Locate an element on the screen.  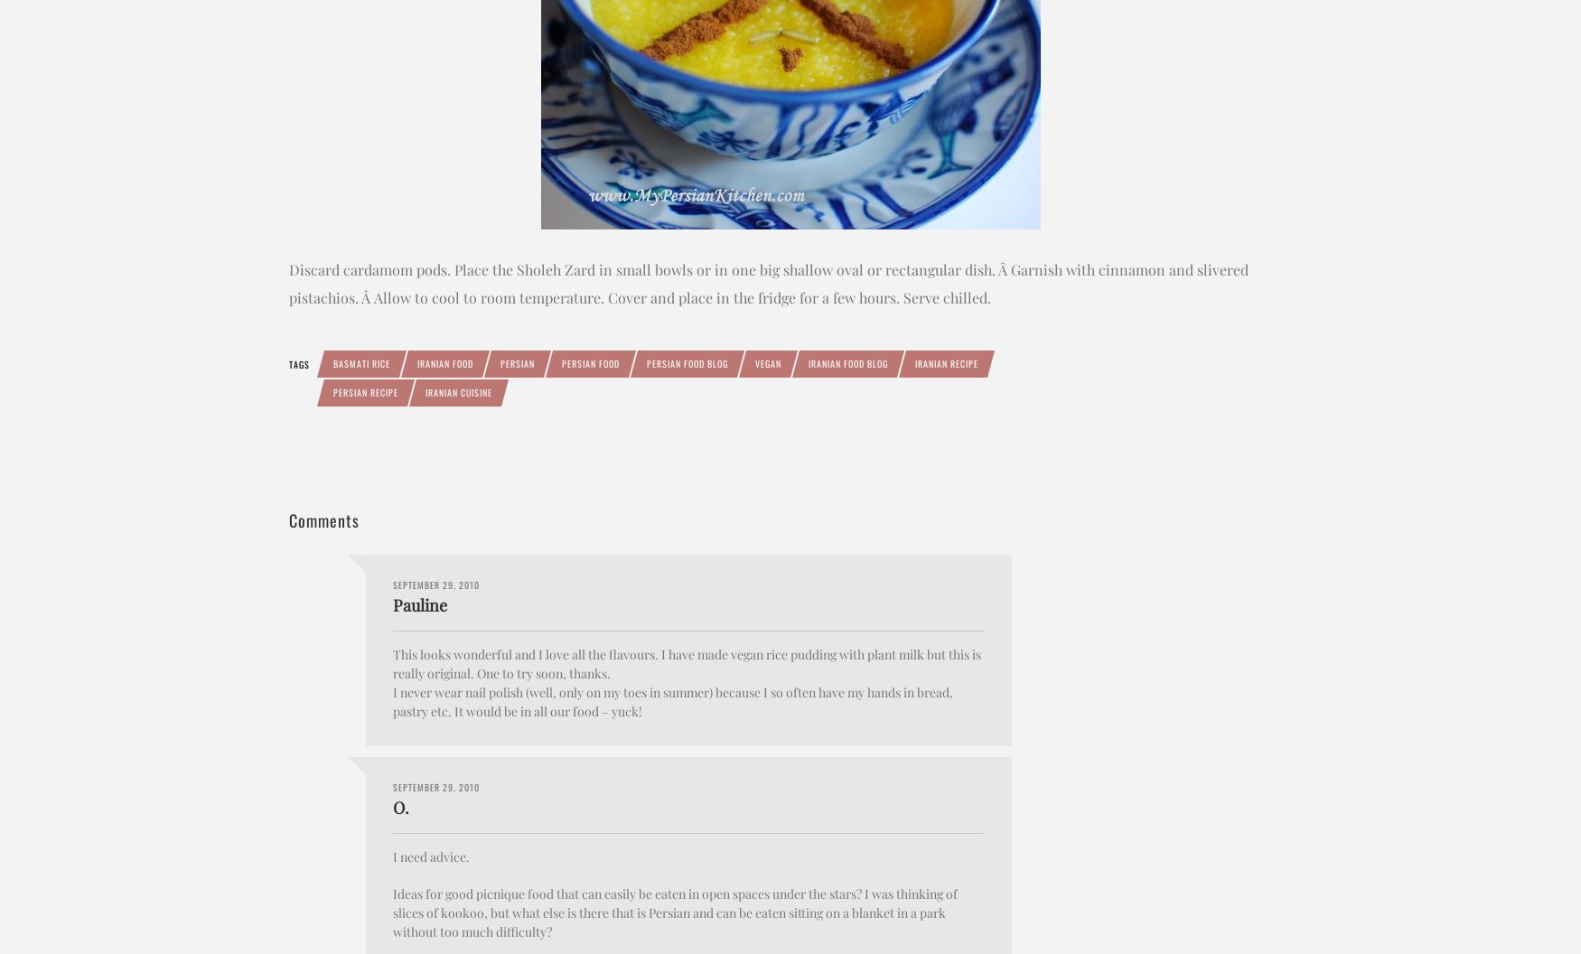
'Persian' is located at coordinates (500, 362).